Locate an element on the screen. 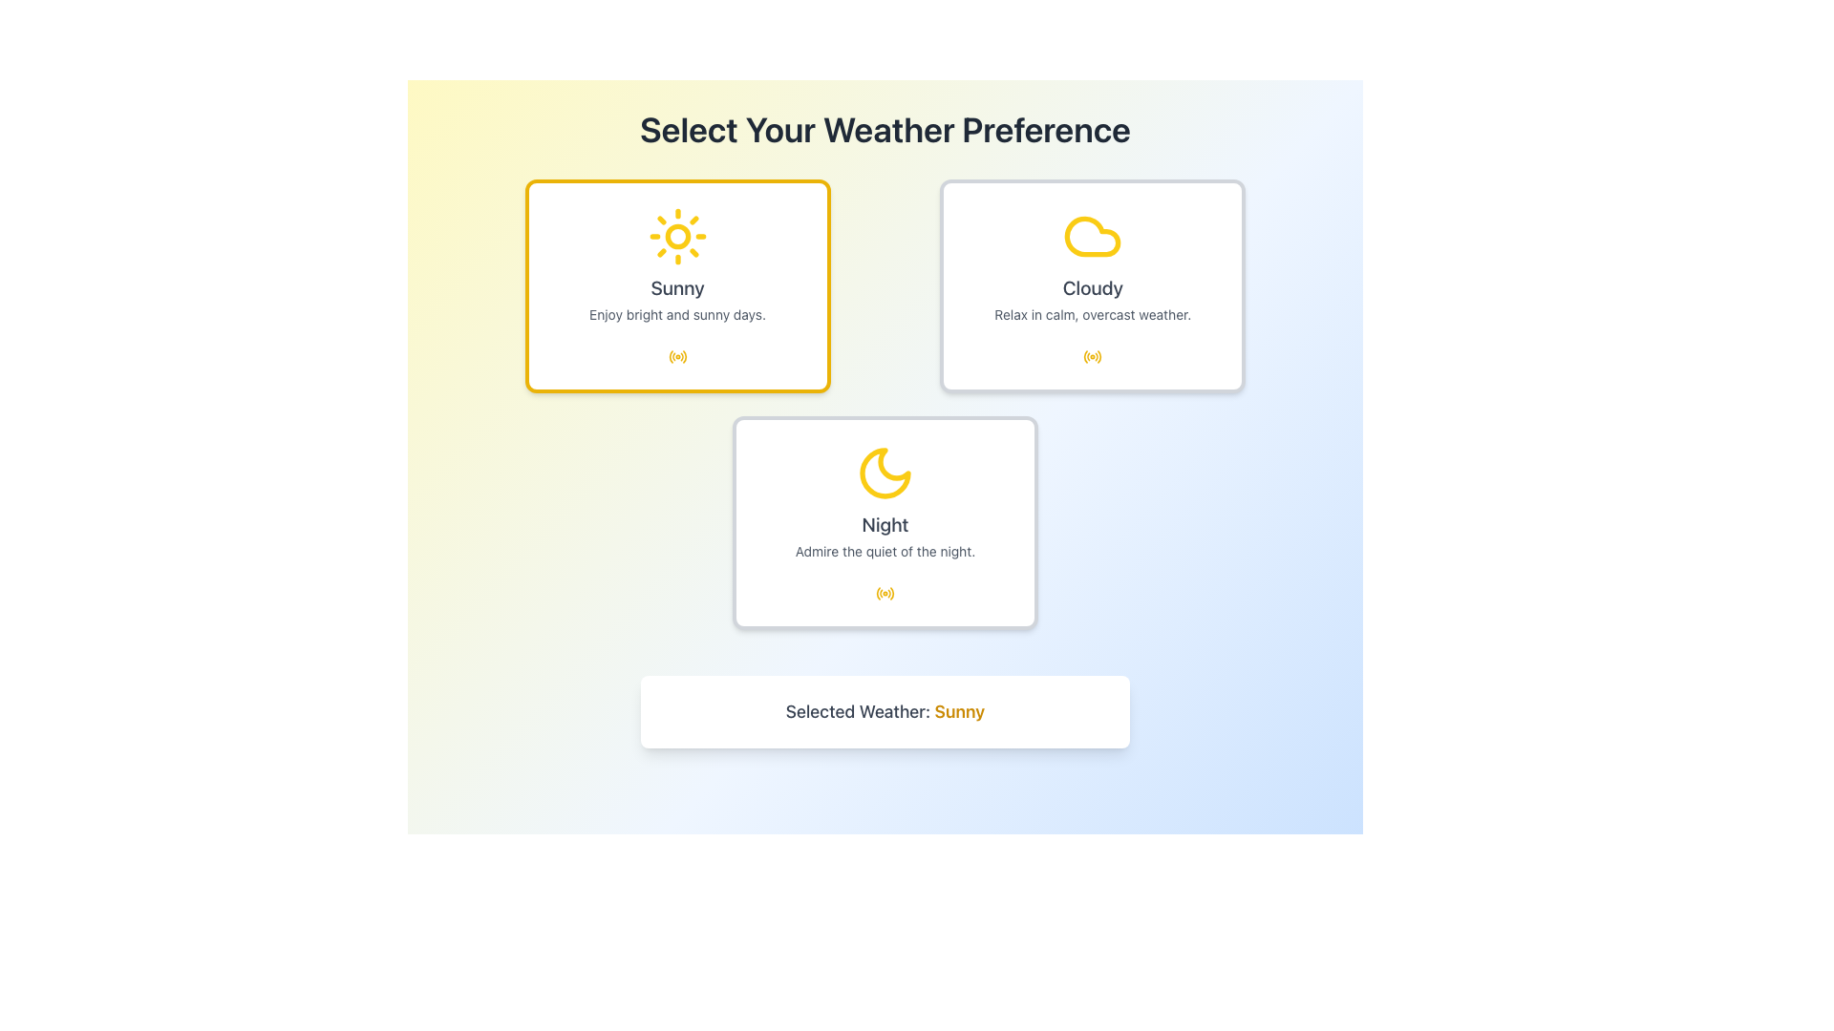 The width and height of the screenshot is (1834, 1031). the descriptive subtitle text for the 'Night' option, located at the bottom of the 'Night' card, enhancing the user's understanding of this weather preference is located at coordinates (884, 552).